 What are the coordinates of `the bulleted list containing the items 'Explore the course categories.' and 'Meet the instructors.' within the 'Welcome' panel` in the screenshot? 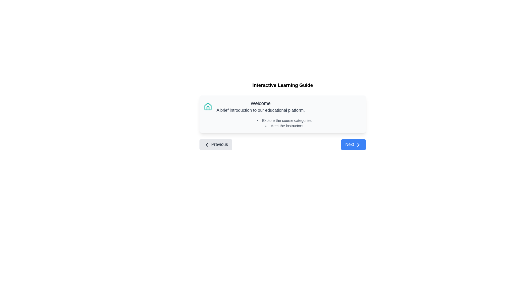 It's located at (282, 123).